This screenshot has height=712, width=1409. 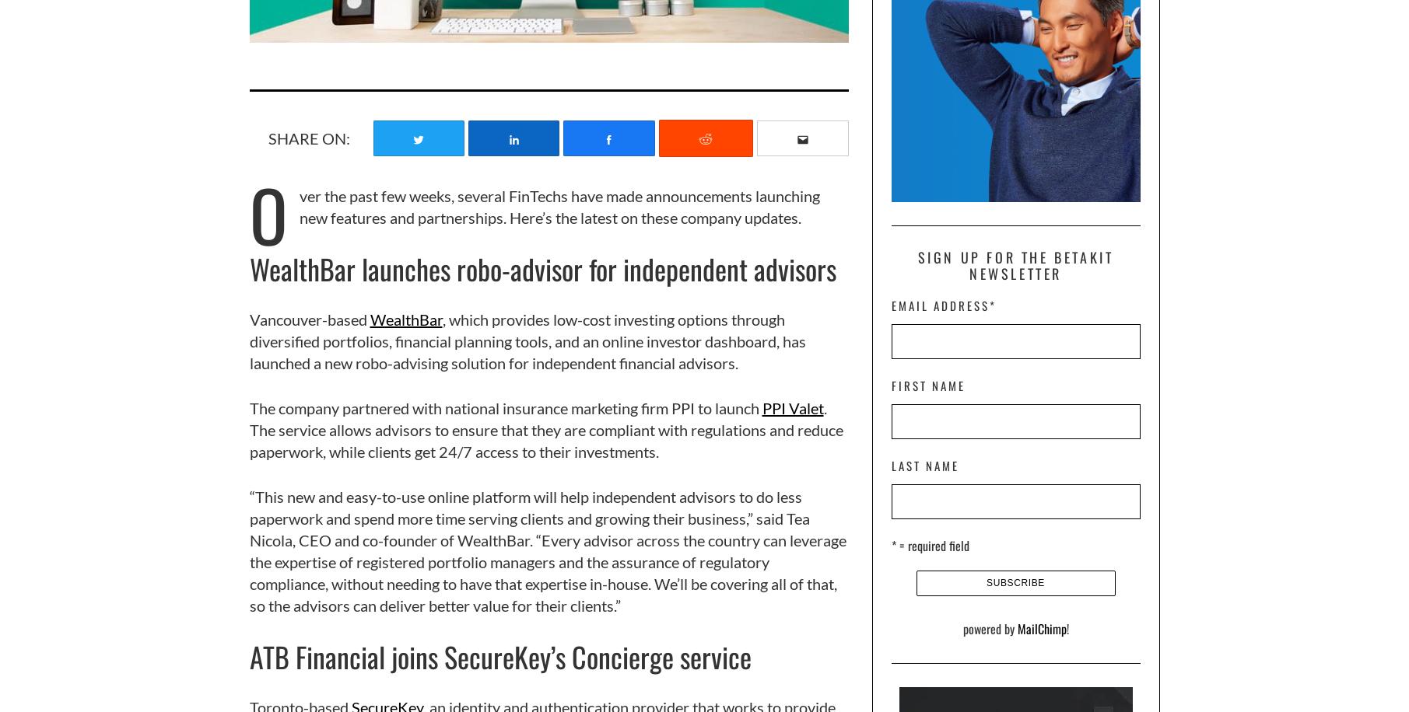 I want to click on '*', so click(x=992, y=304).